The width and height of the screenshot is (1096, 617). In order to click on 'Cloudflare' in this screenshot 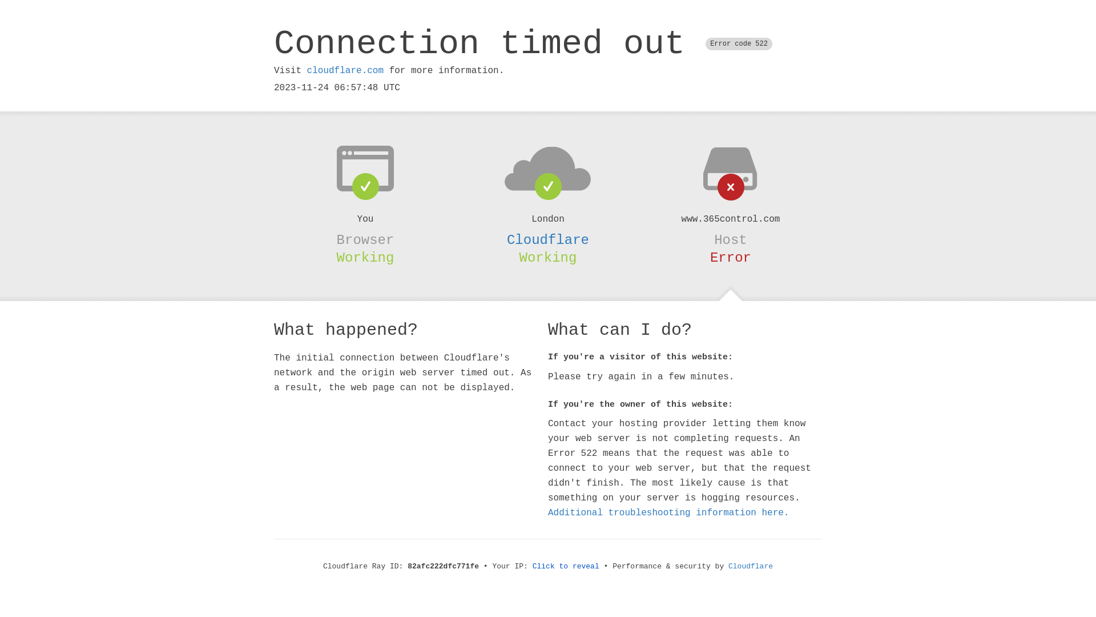, I will do `click(728, 566)`.